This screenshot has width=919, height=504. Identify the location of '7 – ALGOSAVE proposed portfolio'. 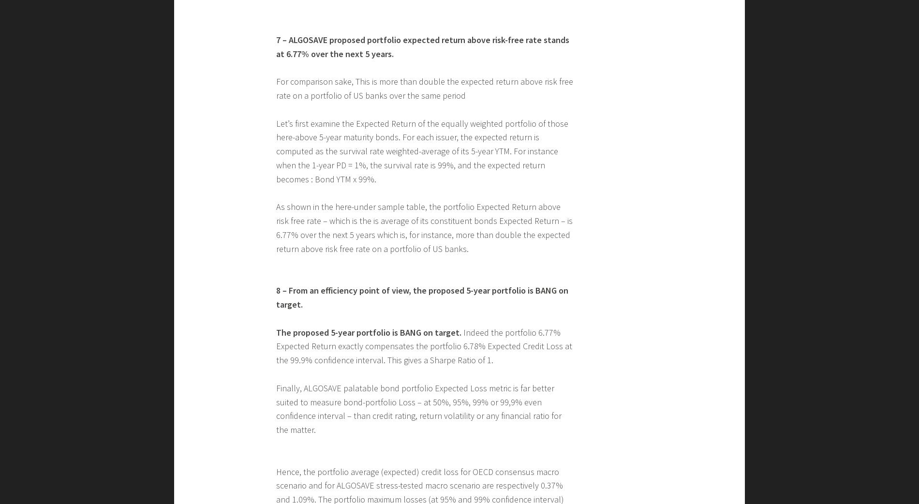
(276, 199).